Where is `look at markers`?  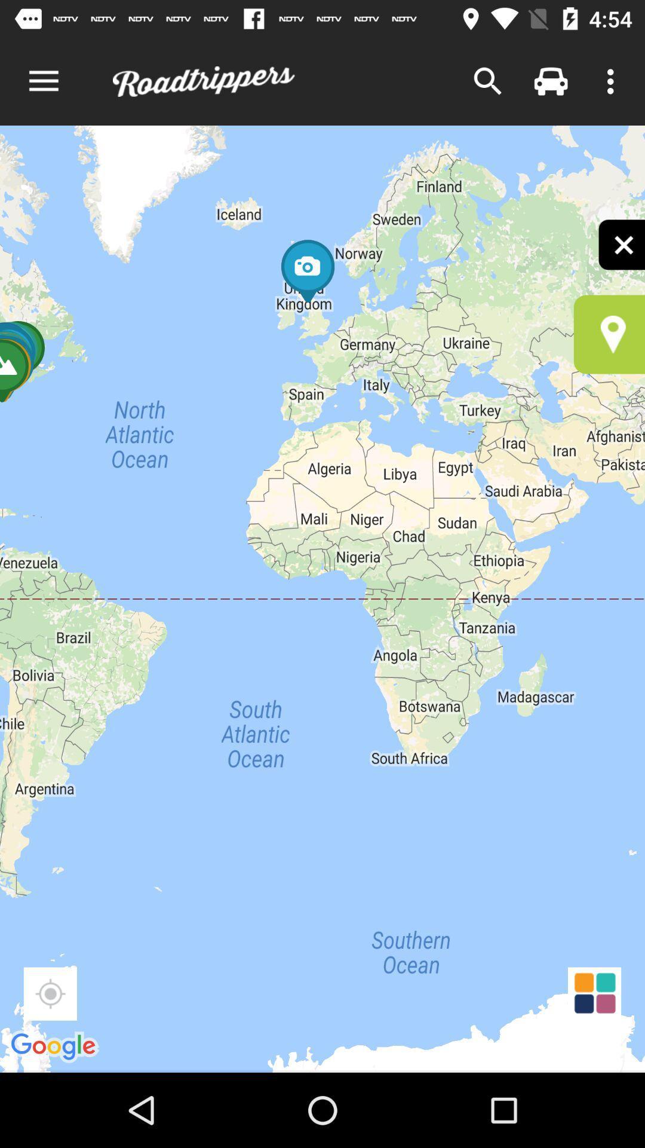
look at markers is located at coordinates (609, 334).